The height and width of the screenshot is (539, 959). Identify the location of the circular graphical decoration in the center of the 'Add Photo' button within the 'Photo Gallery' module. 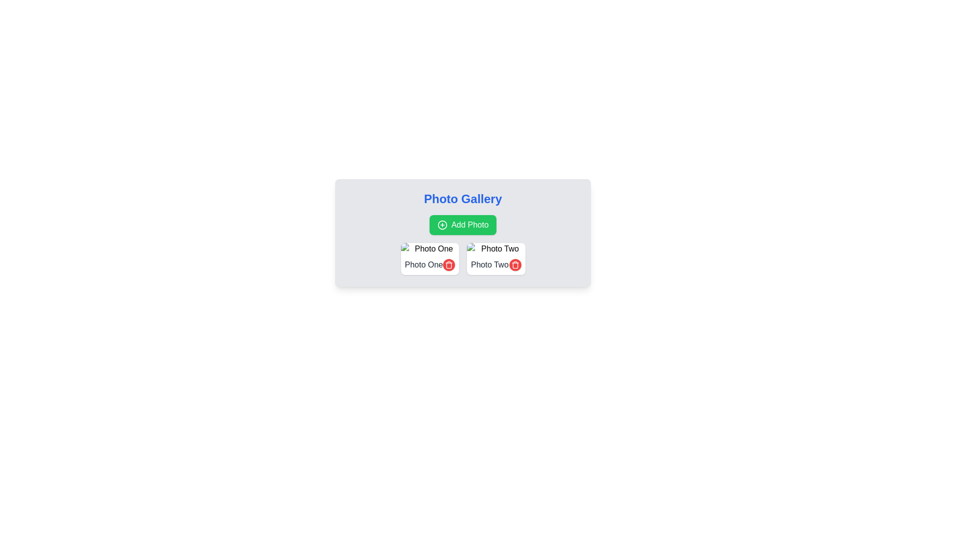
(442, 225).